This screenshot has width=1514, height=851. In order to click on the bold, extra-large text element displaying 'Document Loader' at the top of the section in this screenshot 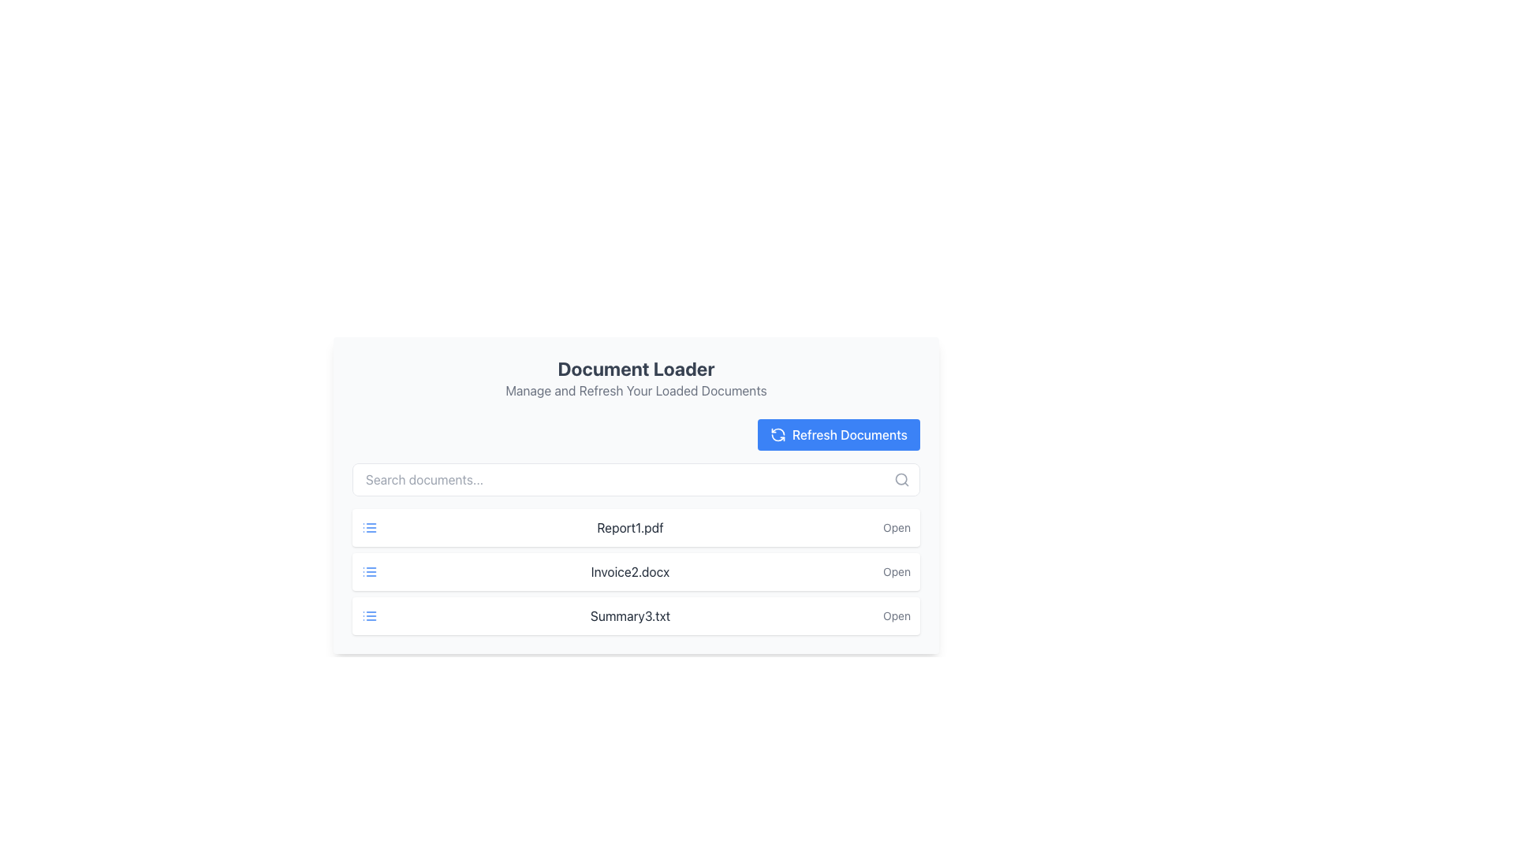, I will do `click(636, 368)`.